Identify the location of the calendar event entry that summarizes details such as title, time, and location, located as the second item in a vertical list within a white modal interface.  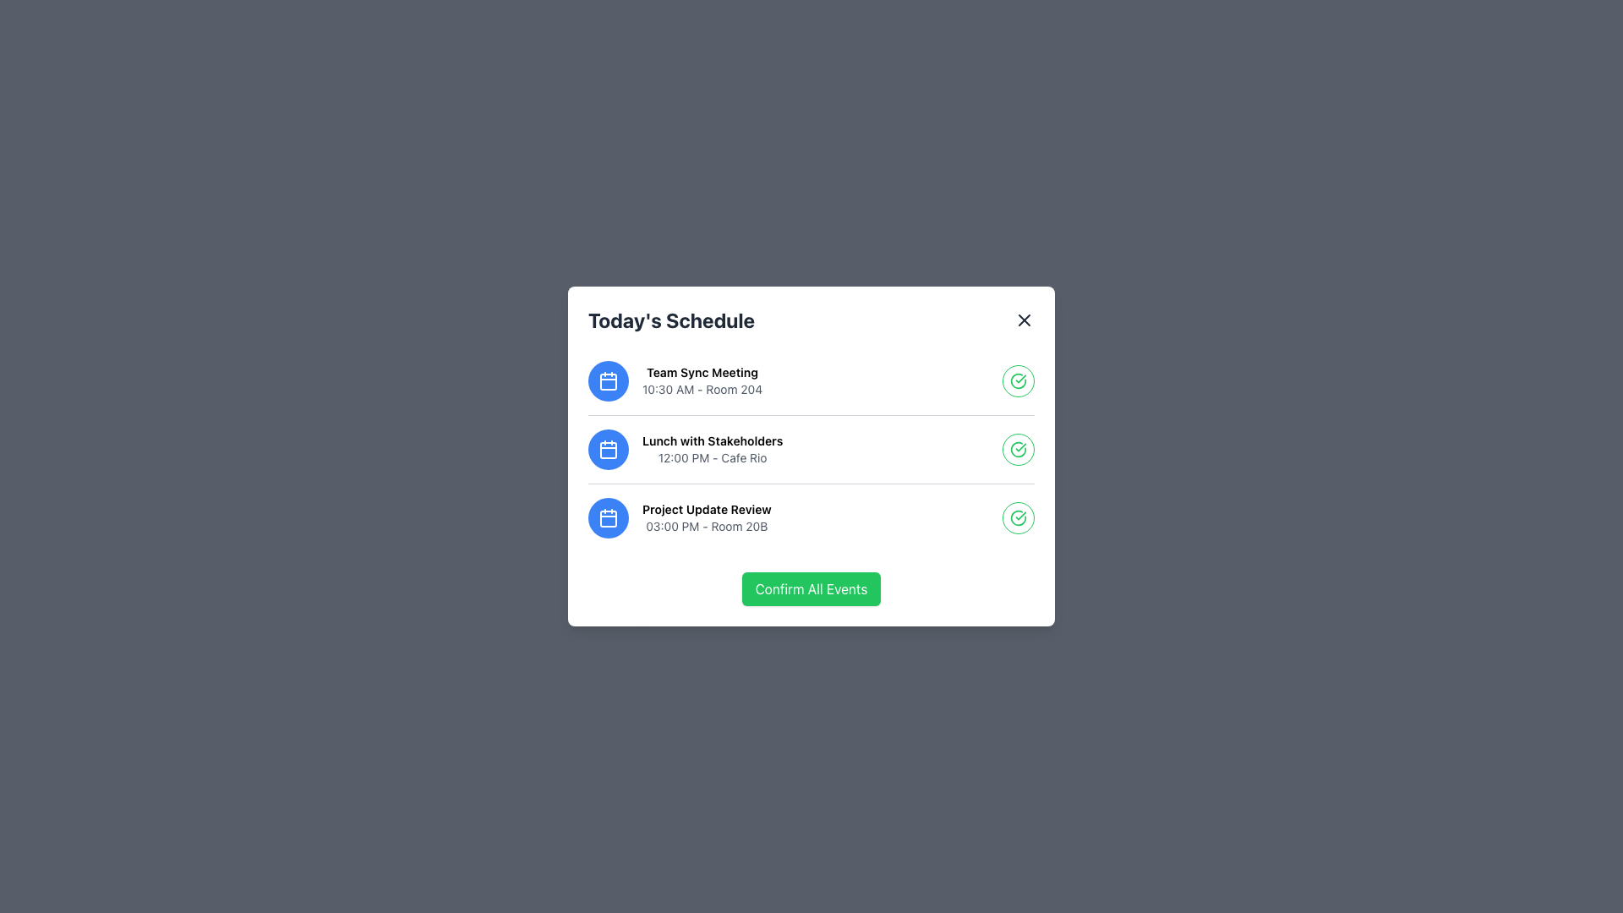
(686, 449).